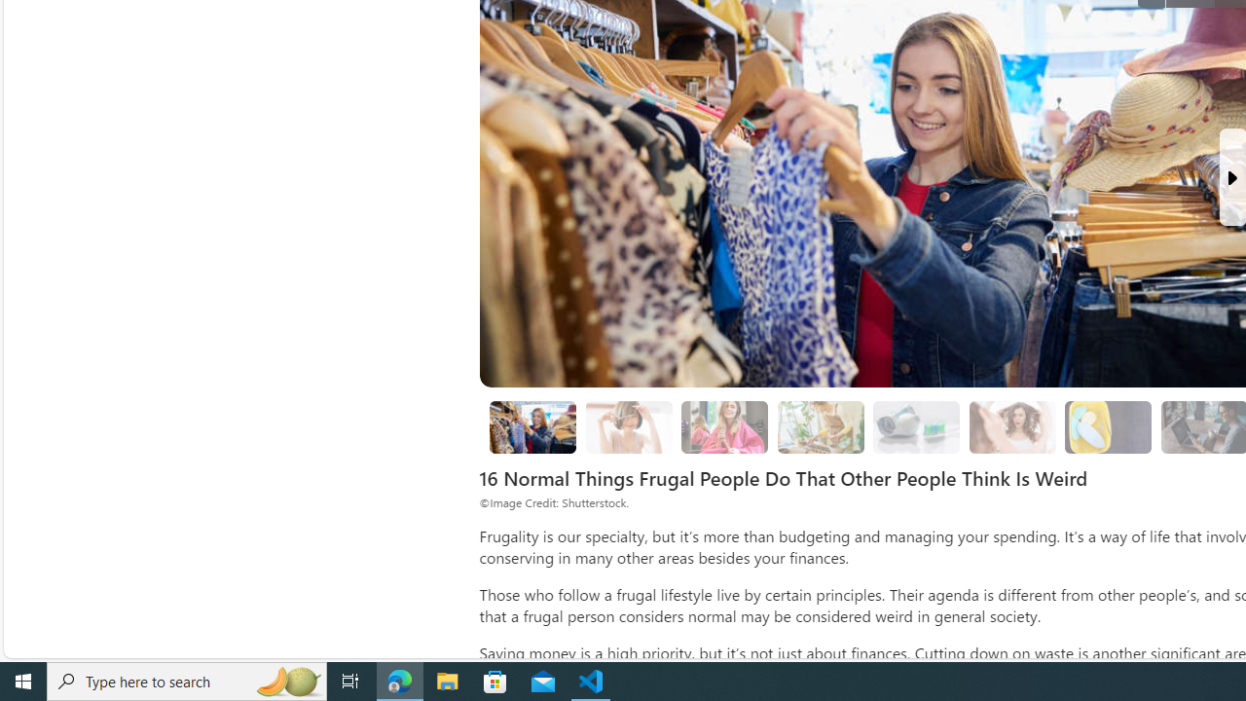 This screenshot has height=701, width=1246. Describe the element at coordinates (1108, 423) in the screenshot. I see `'Class: progress'` at that location.